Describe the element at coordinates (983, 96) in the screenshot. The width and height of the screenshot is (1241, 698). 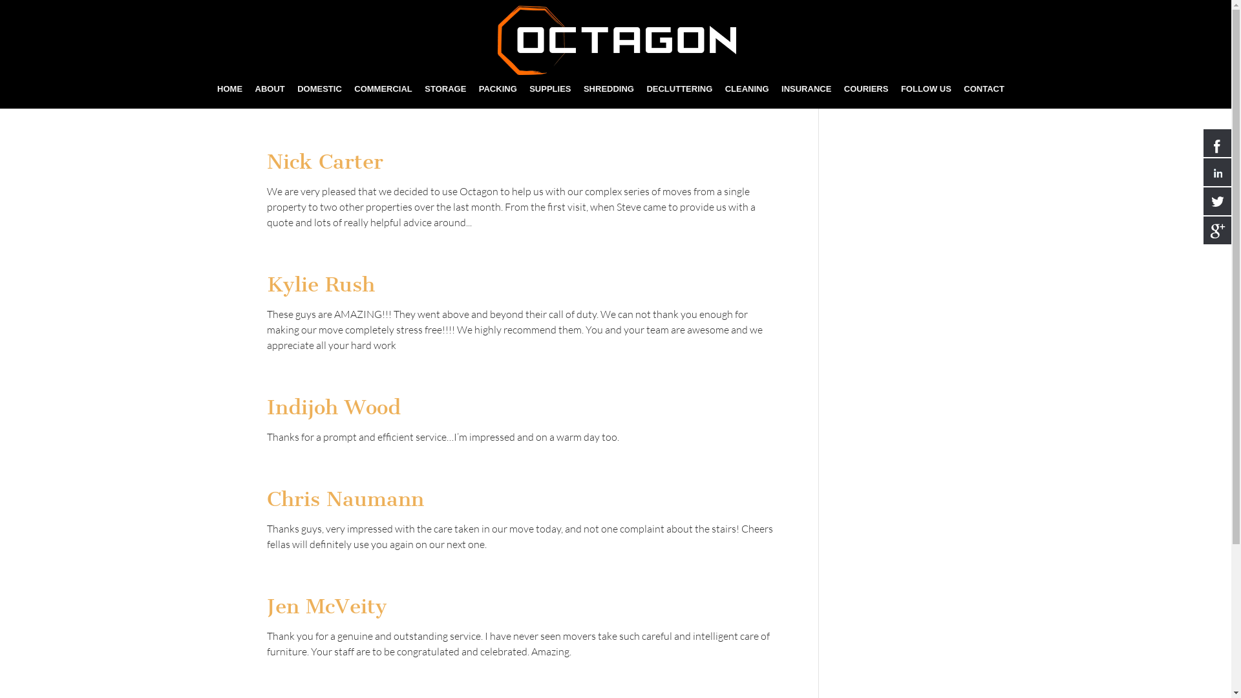
I see `'CONTACT'` at that location.